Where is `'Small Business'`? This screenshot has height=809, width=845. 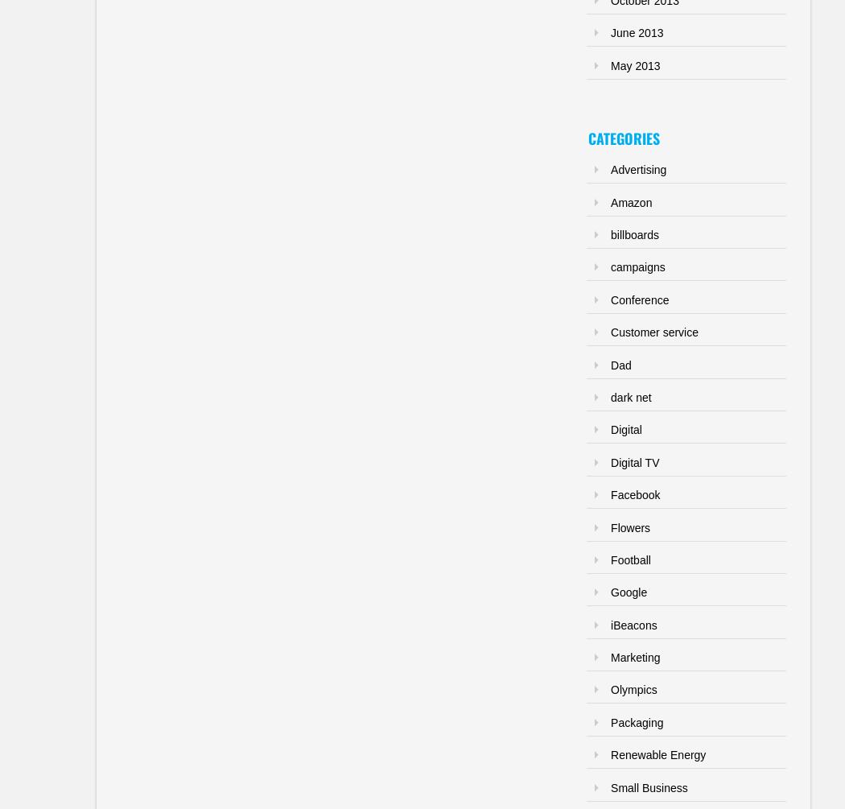
'Small Business' is located at coordinates (648, 786).